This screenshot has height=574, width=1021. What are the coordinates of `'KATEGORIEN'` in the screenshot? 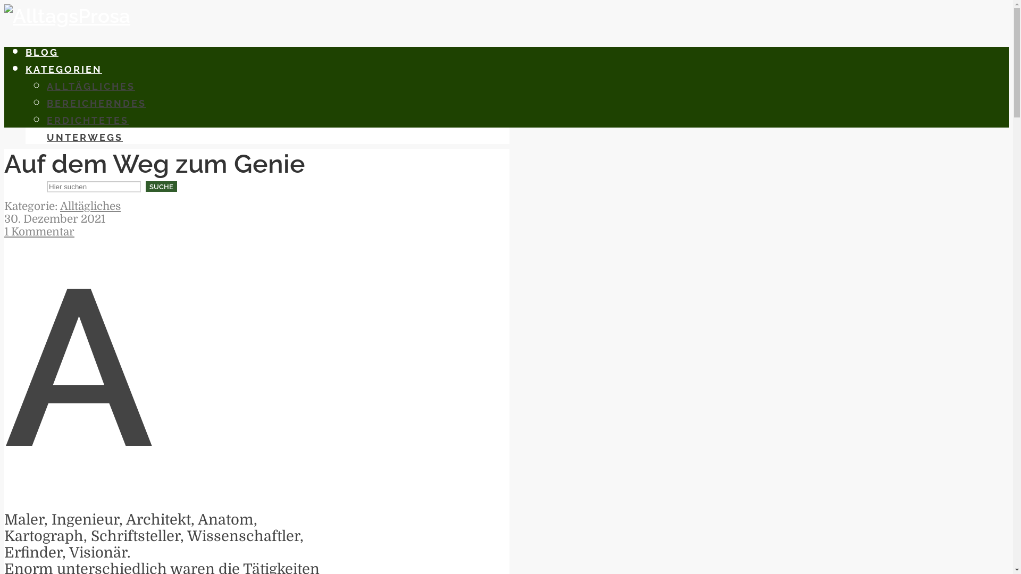 It's located at (63, 69).